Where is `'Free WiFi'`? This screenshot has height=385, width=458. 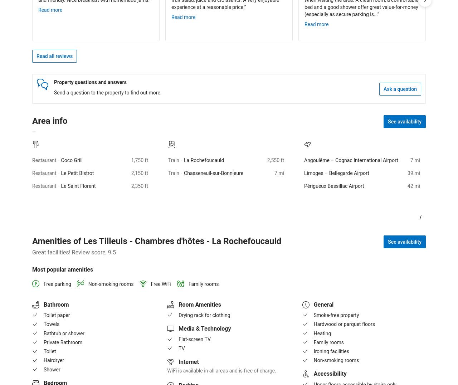
'Free WiFi' is located at coordinates (161, 284).